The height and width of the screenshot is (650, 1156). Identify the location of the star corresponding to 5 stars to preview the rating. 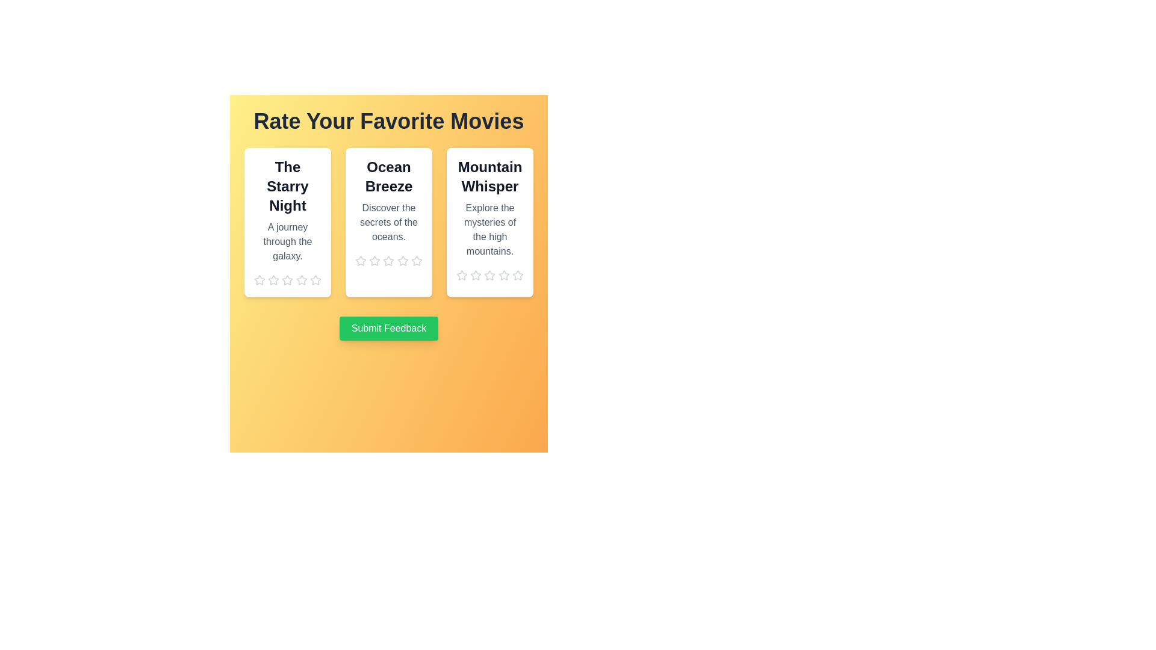
(315, 280).